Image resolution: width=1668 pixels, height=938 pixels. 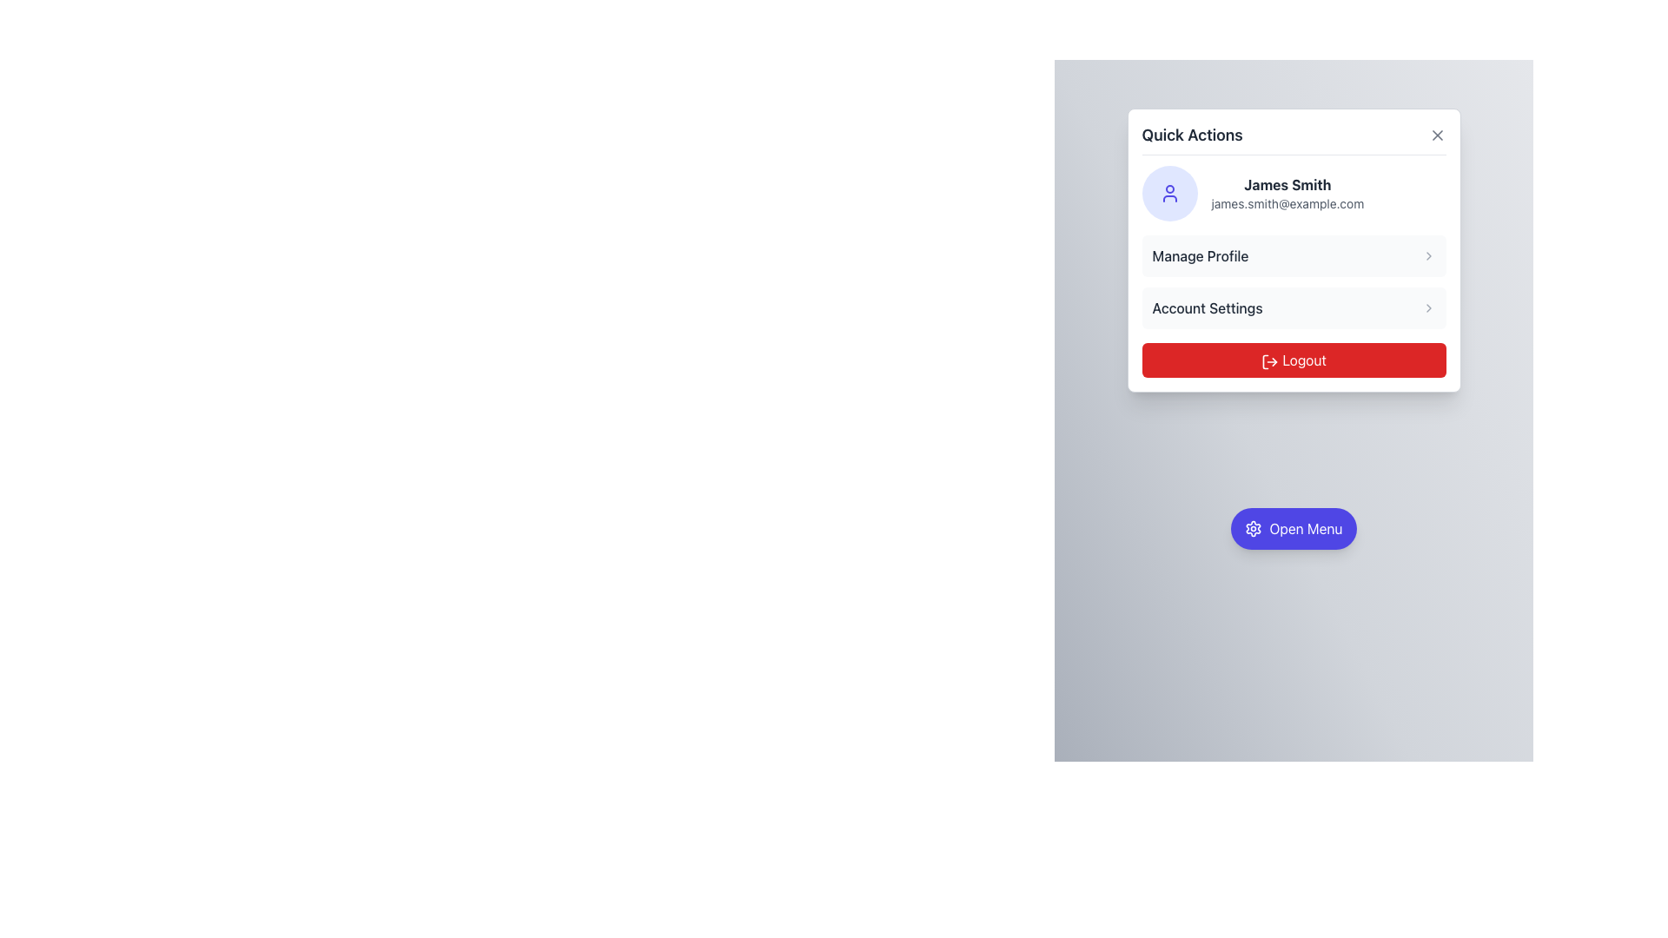 What do you see at coordinates (1270, 360) in the screenshot?
I see `the logout icon, which is positioned to the left of the red rectangular button labeled 'Logout'` at bounding box center [1270, 360].